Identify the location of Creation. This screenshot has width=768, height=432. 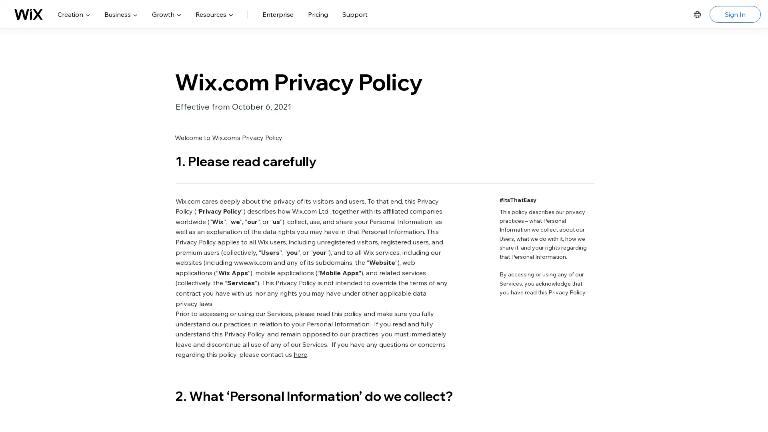
(74, 14).